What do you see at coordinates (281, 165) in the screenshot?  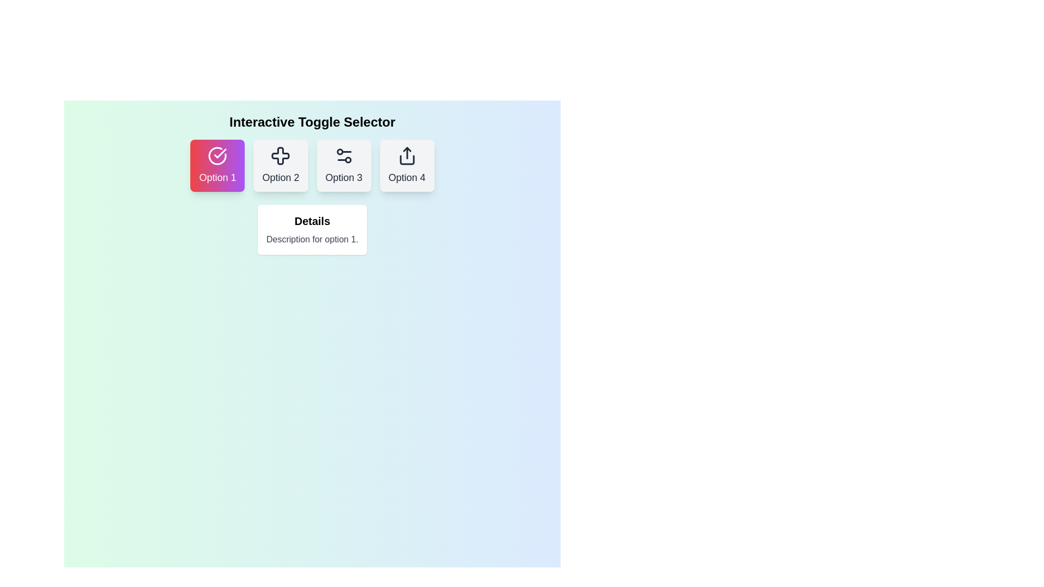 I see `the button corresponding to Option 2 to display its description` at bounding box center [281, 165].